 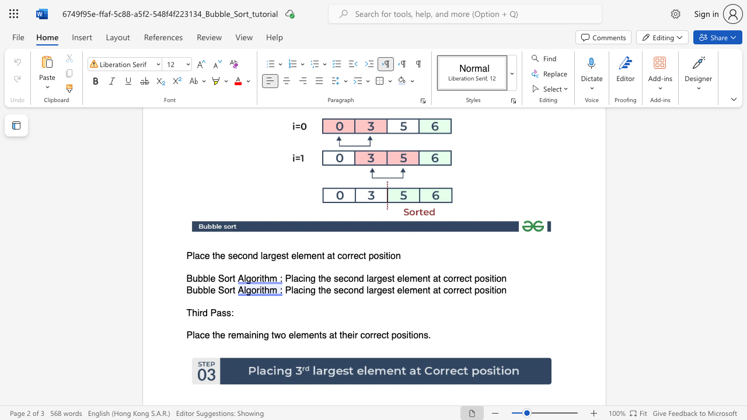 What do you see at coordinates (214, 256) in the screenshot?
I see `the 1th character "t" in the text` at bounding box center [214, 256].